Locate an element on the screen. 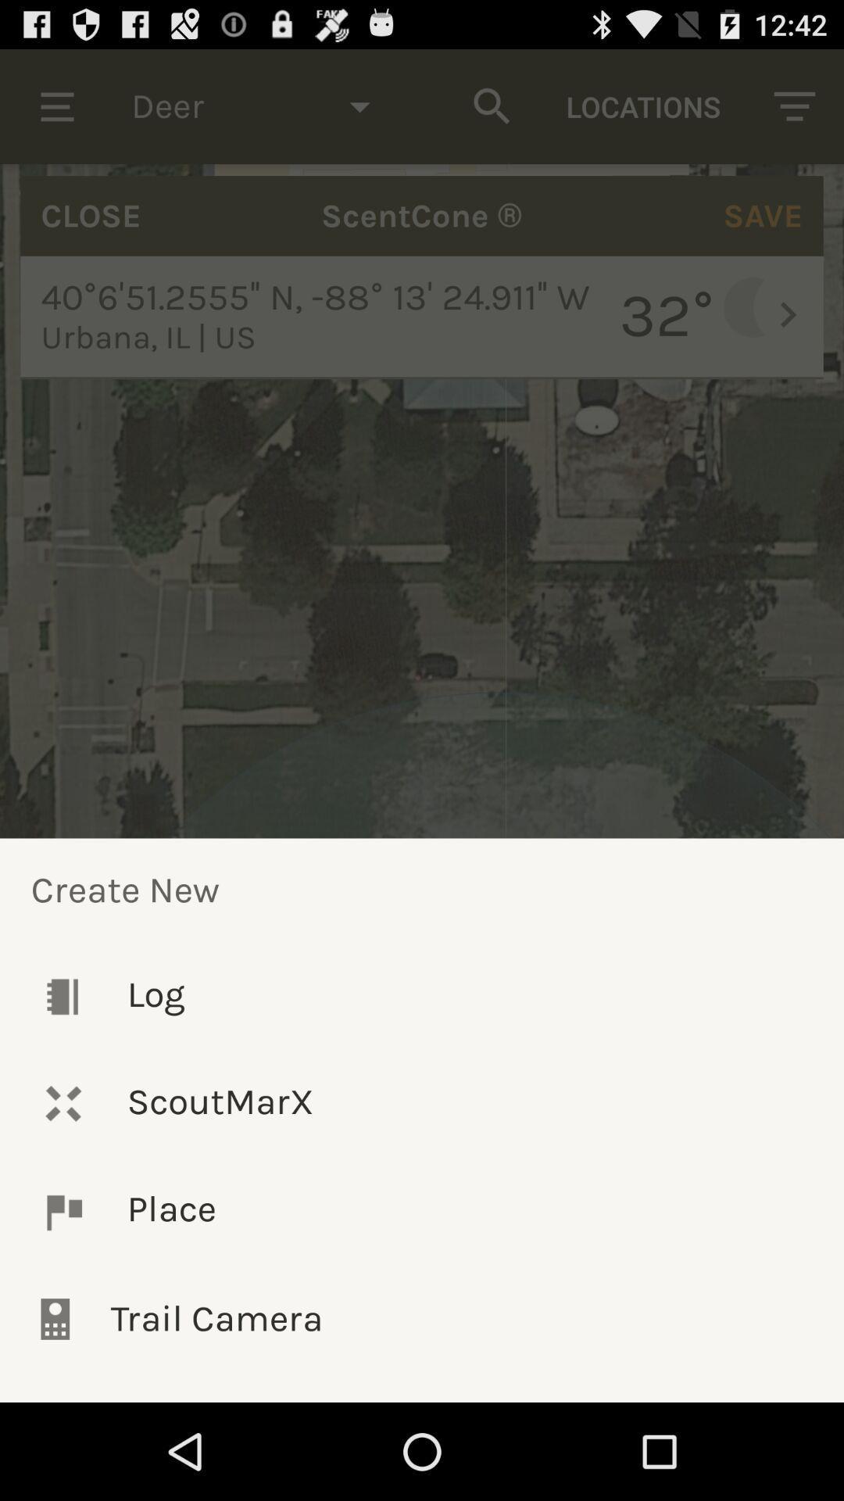 The image size is (844, 1501). the place item is located at coordinates (422, 1211).